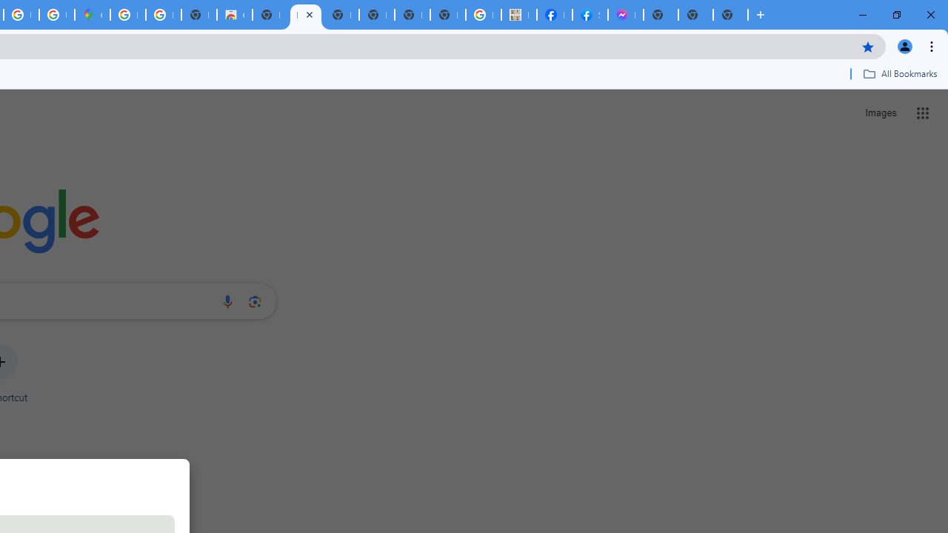  Describe the element at coordinates (625, 15) in the screenshot. I see `'Messenger'` at that location.